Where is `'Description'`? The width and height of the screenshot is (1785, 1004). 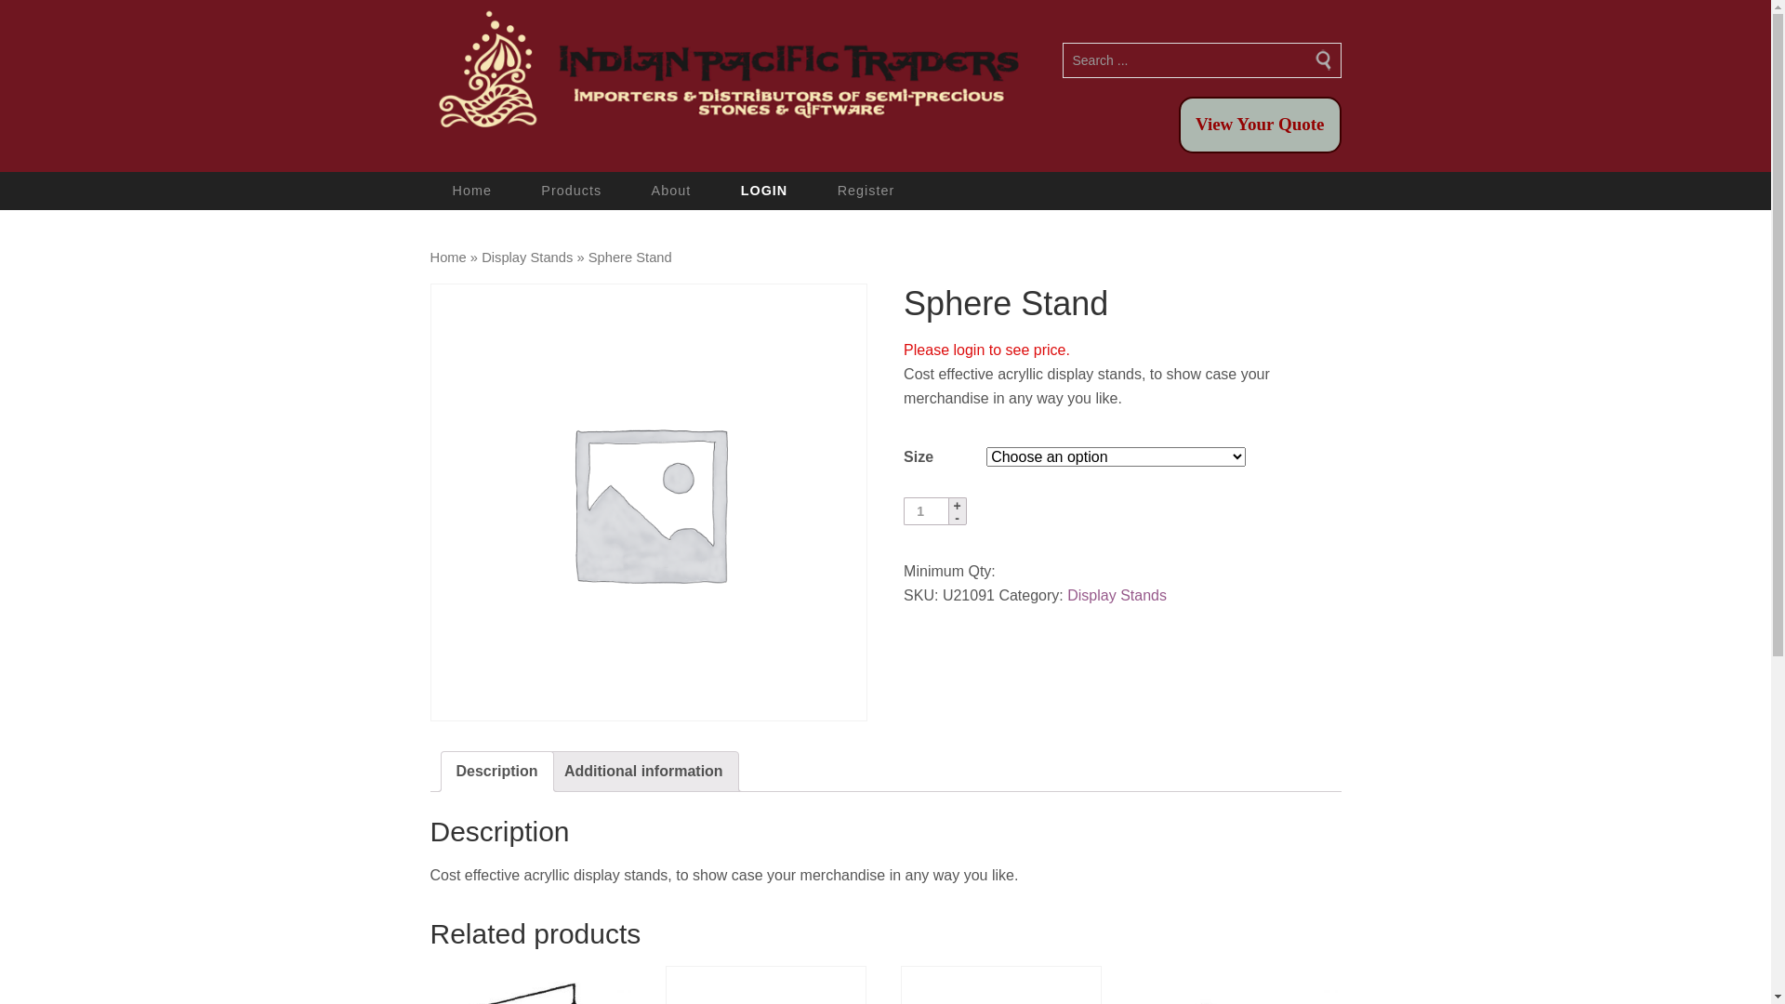
'Description' is located at coordinates (455, 771).